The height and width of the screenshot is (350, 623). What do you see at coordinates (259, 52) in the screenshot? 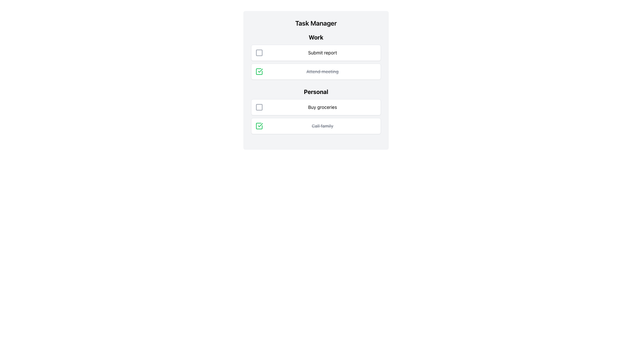
I see `the checkbox-like control for marking the 'Submit report' task` at bounding box center [259, 52].